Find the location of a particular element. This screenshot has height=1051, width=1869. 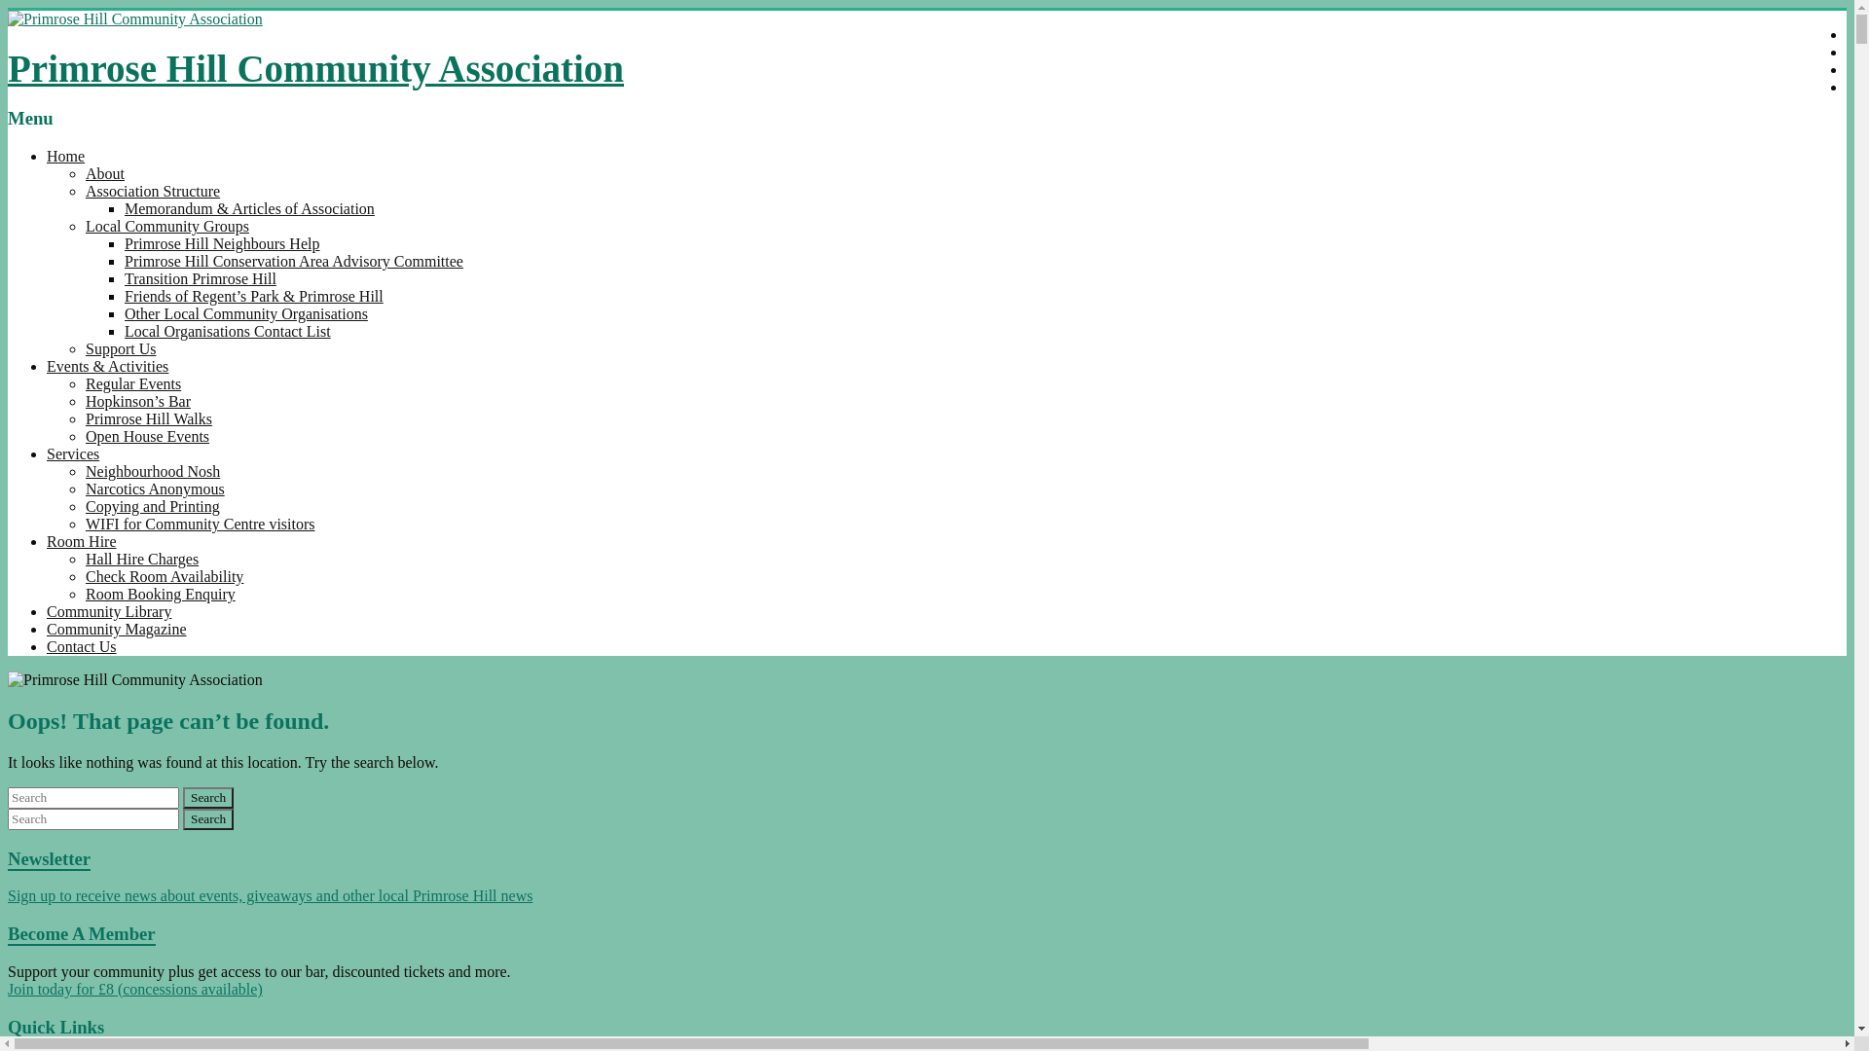

'Search' is located at coordinates (208, 818).